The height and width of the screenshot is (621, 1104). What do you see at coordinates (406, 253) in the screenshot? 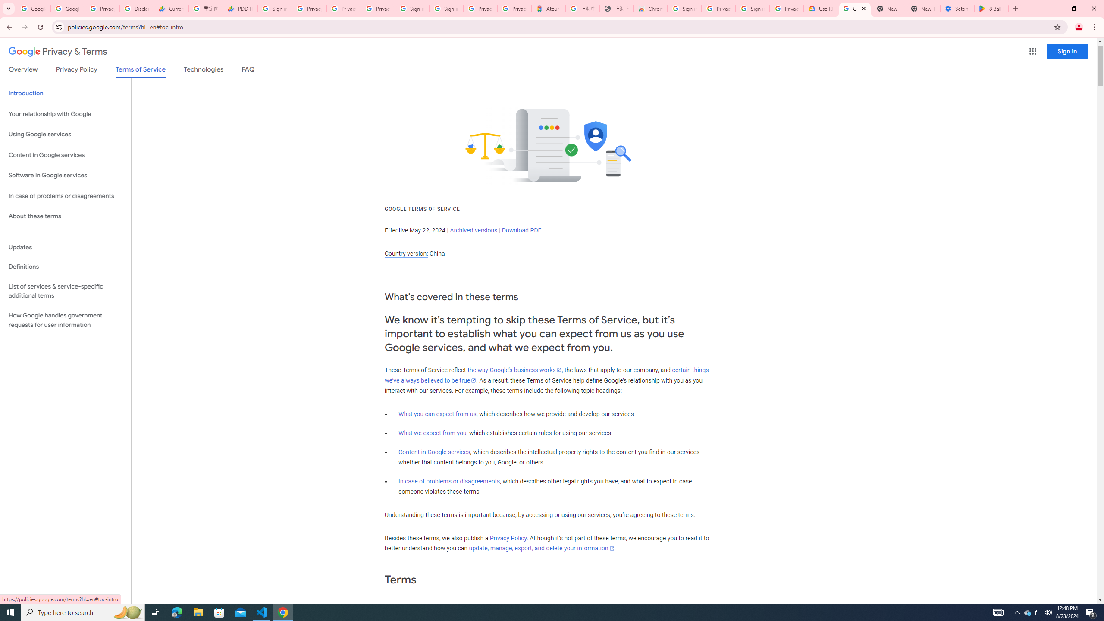
I see `'Country version:'` at bounding box center [406, 253].